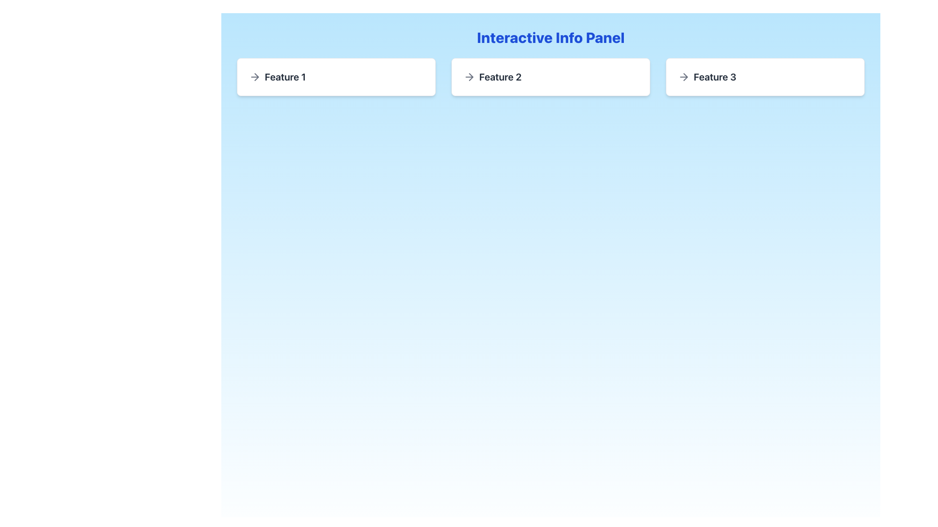 This screenshot has height=527, width=938. What do you see at coordinates (471, 77) in the screenshot?
I see `the chevron-shaped right arrow icon next to the label 'Feature 2' in the second card` at bounding box center [471, 77].